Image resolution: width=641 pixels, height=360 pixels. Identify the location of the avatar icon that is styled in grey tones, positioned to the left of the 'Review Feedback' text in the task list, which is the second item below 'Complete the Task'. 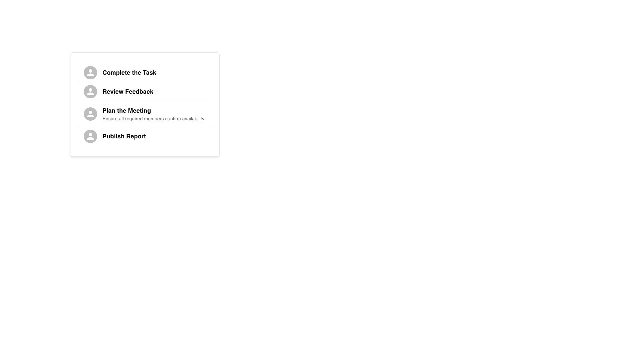
(90, 91).